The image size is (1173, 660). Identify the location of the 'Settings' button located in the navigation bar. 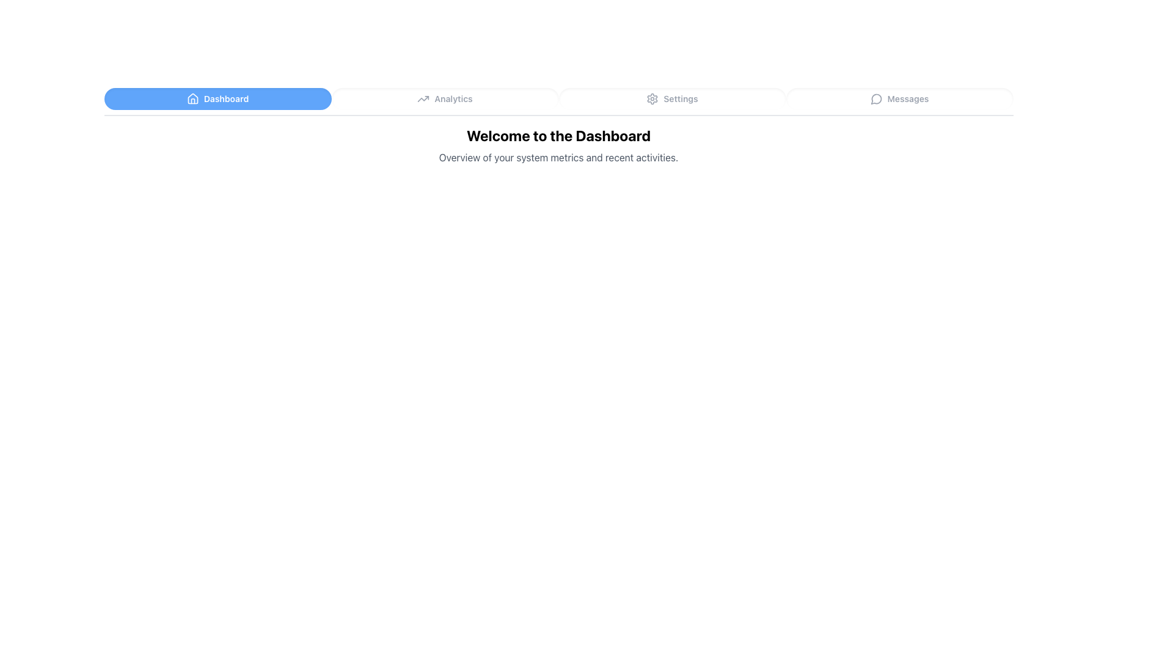
(671, 98).